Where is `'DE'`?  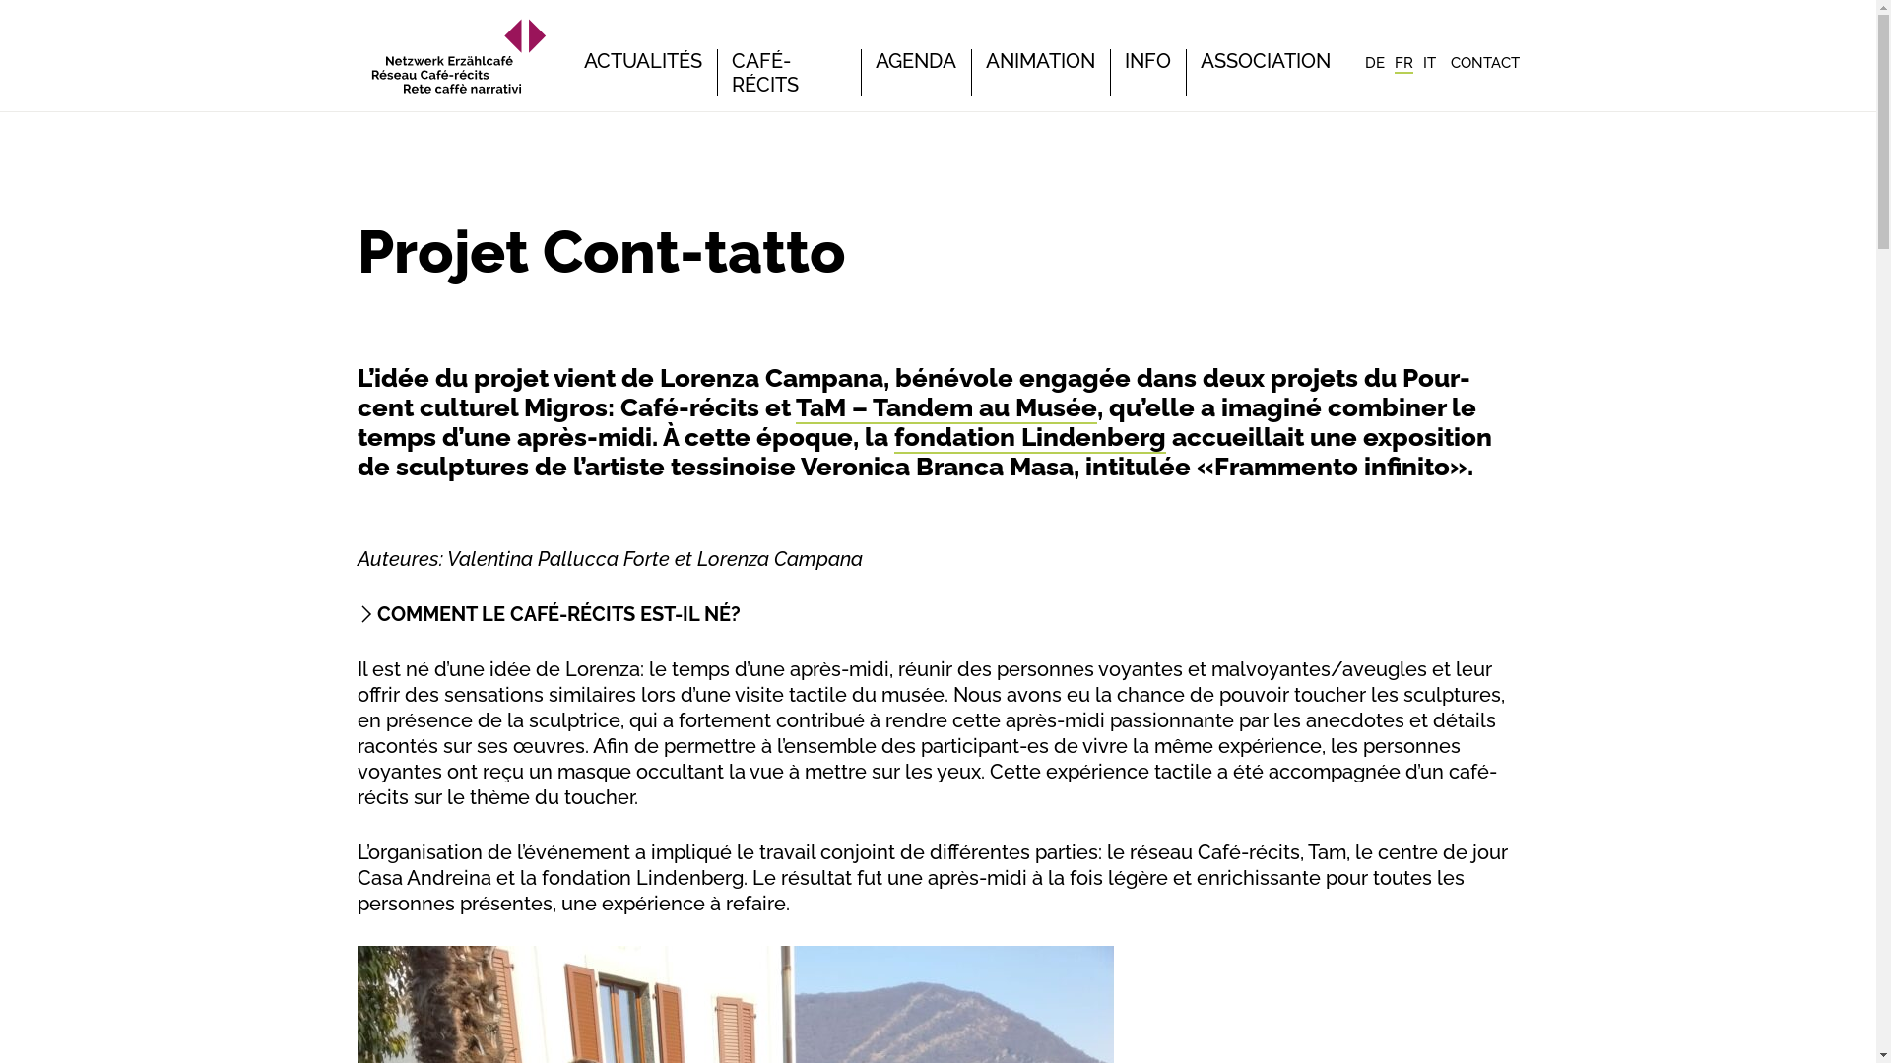
'DE' is located at coordinates (1374, 62).